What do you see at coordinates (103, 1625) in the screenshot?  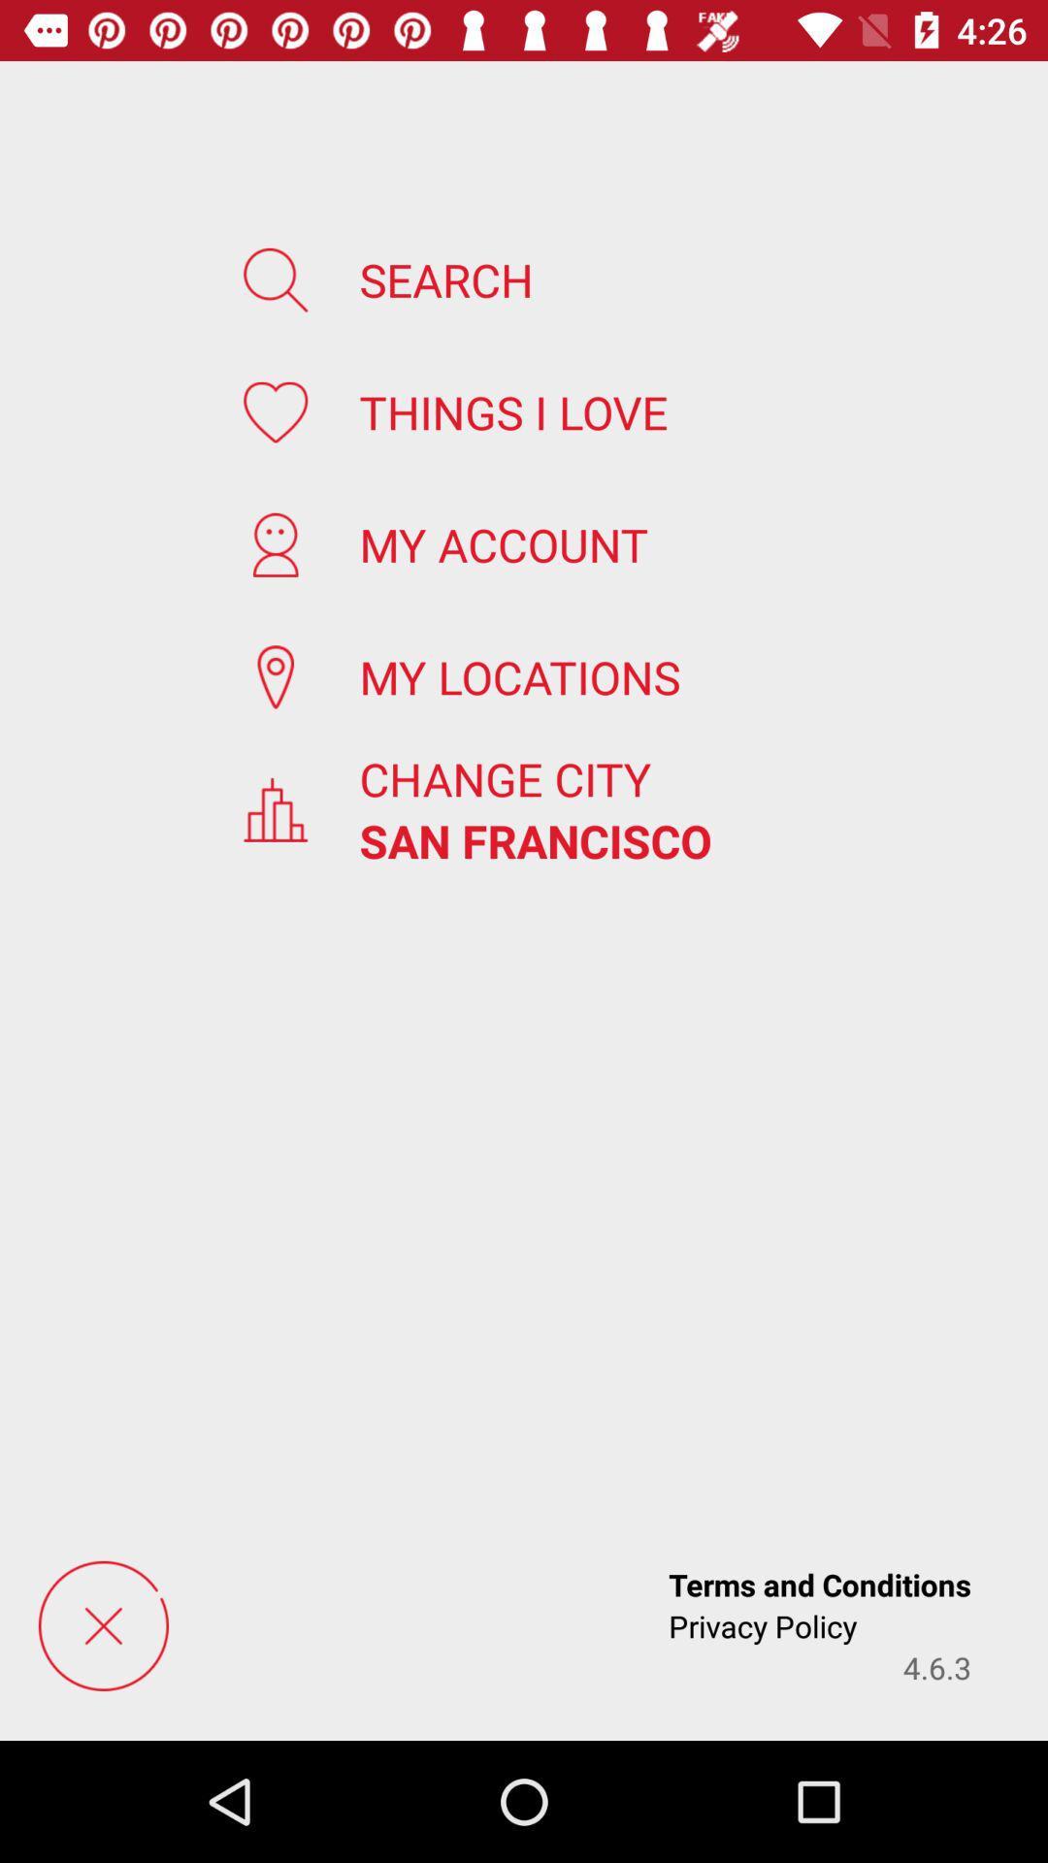 I see `app to the left of terms and conditions app` at bounding box center [103, 1625].